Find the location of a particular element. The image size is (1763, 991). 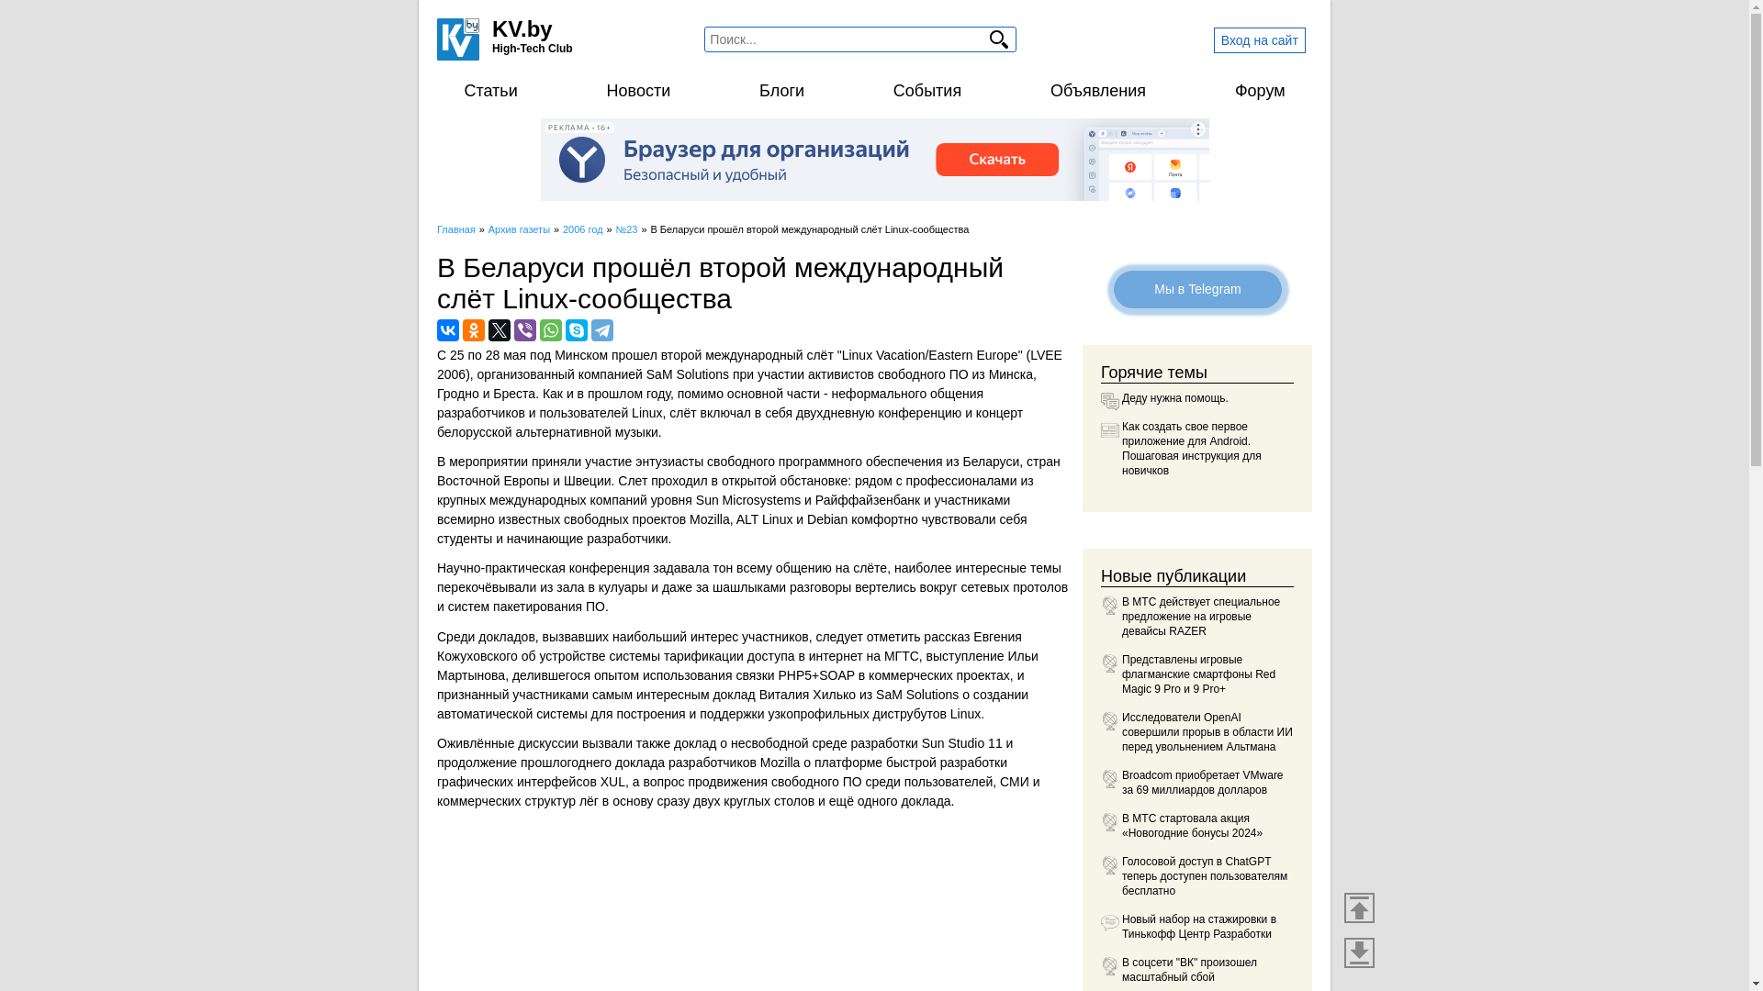

'Twitter' is located at coordinates (499, 328).